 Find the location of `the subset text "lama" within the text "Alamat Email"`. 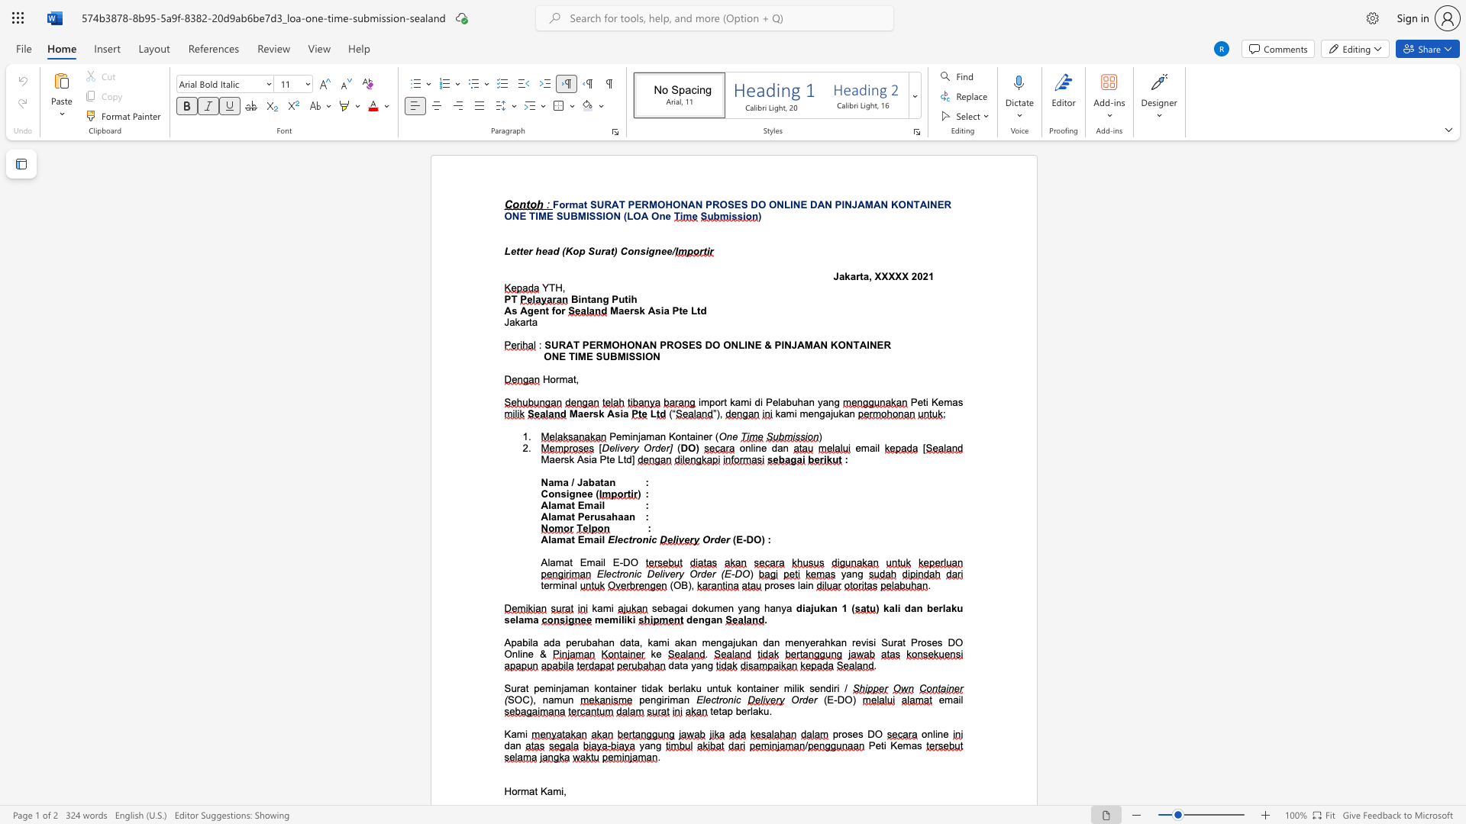

the subset text "lama" within the text "Alamat Email" is located at coordinates (548, 539).